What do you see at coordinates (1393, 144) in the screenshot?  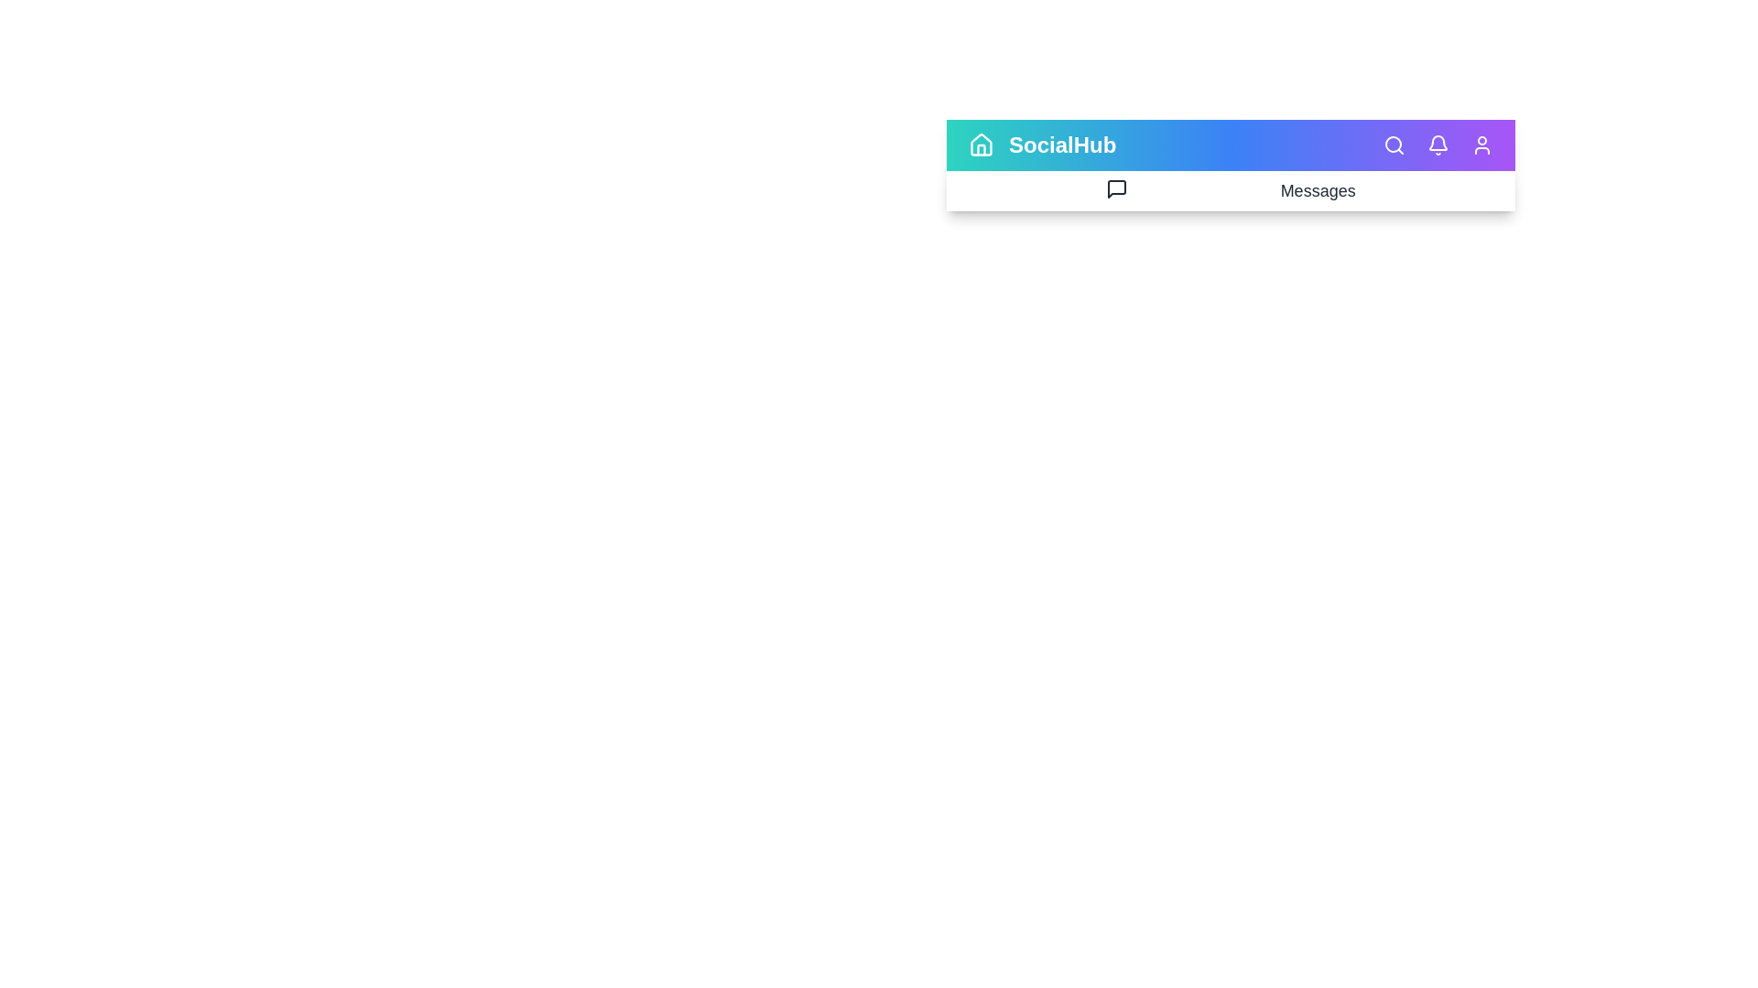 I see `the search icon in the SocialAppBar component to initiate a search` at bounding box center [1393, 144].